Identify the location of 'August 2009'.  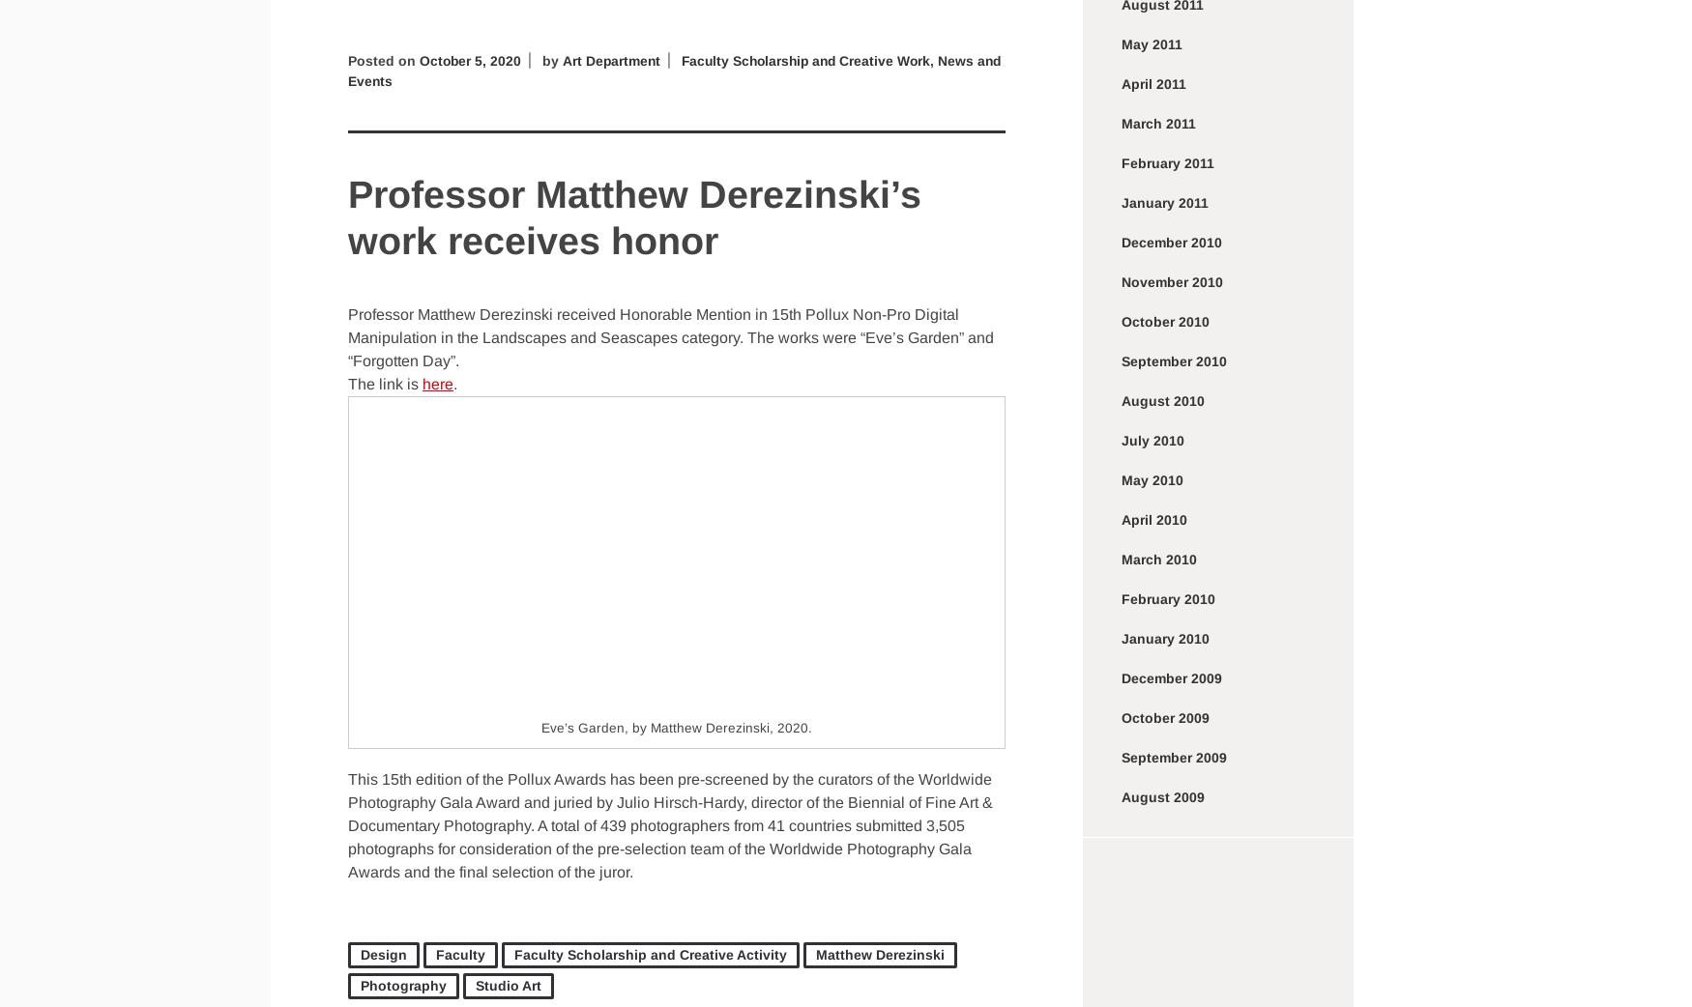
(1162, 796).